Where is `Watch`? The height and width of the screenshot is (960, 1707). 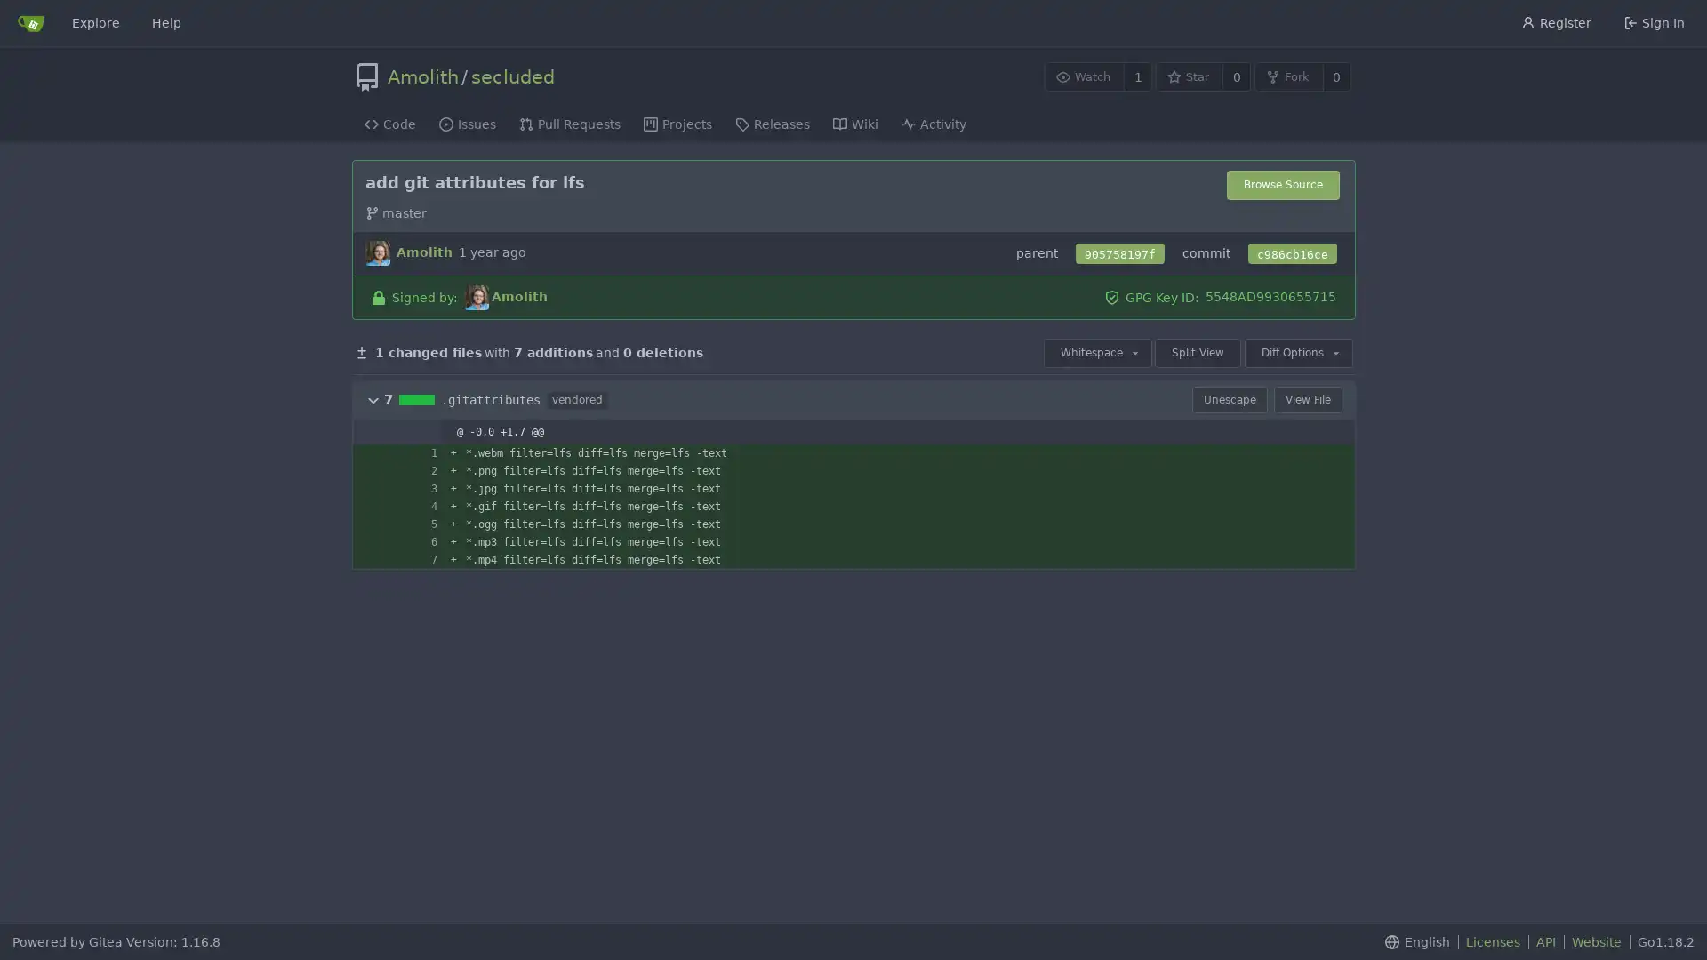
Watch is located at coordinates (1083, 76).